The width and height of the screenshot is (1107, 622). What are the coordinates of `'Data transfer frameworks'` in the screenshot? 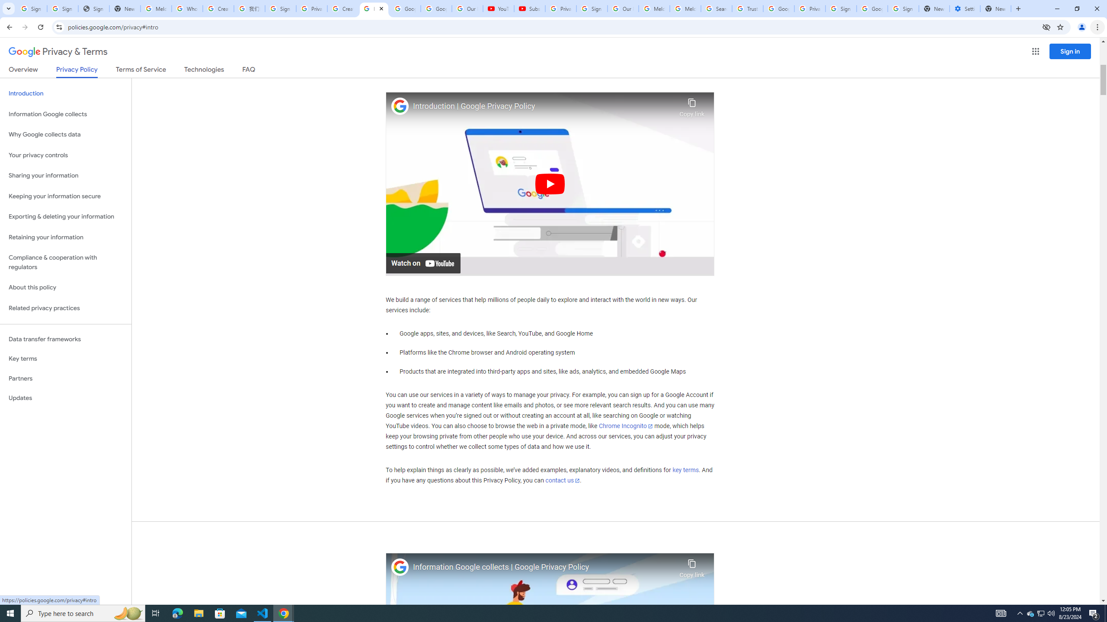 It's located at (65, 339).